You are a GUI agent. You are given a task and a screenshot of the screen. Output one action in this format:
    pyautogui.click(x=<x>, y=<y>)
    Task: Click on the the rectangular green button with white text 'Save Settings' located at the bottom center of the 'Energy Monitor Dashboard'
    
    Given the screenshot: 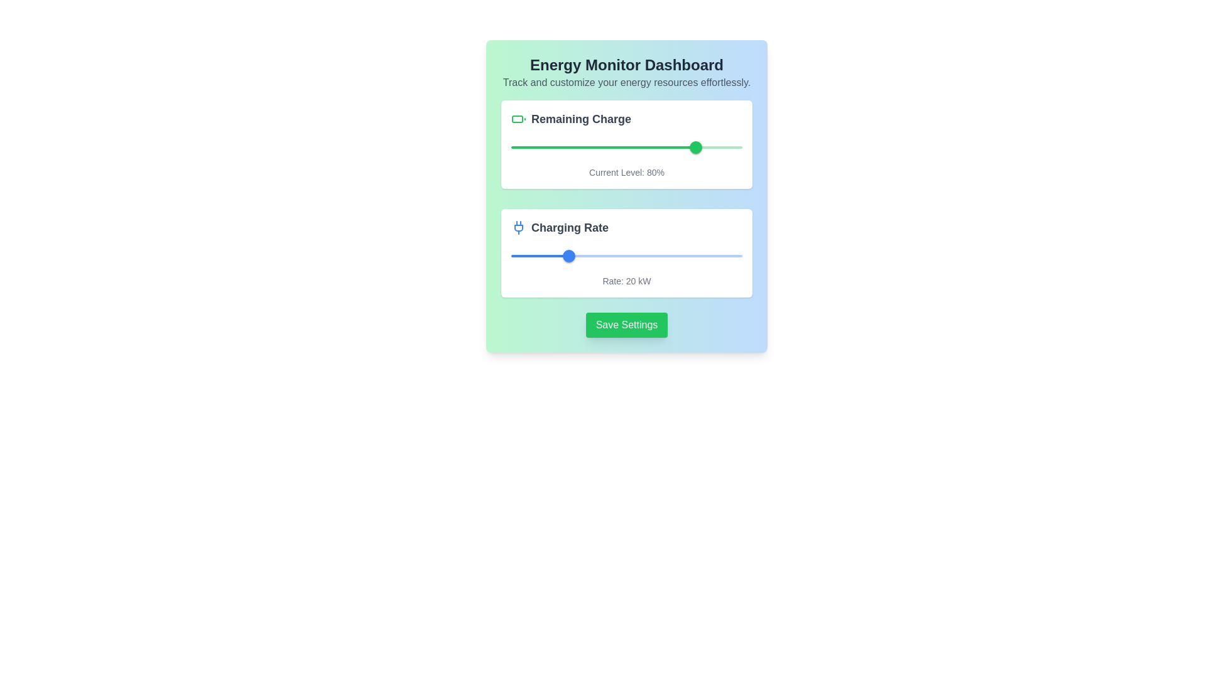 What is the action you would take?
    pyautogui.click(x=627, y=324)
    